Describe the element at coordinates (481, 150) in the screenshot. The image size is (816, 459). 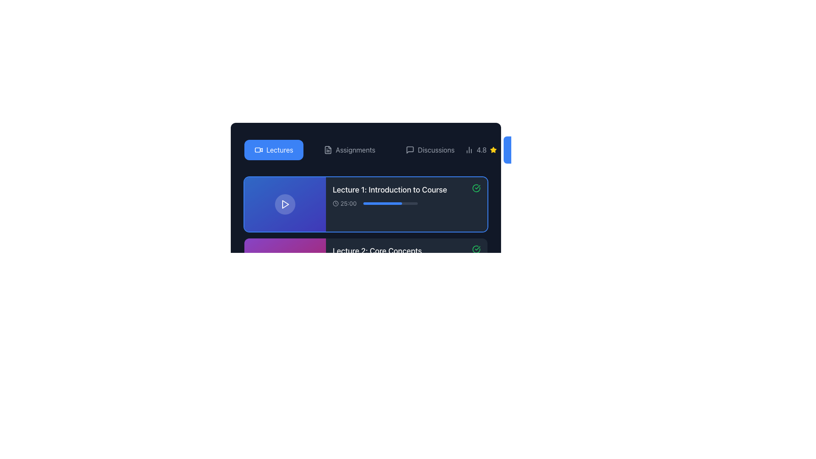
I see `the text label displaying the rating '4.8' located in the upper-right section of the interface, positioned between the bar chart icon and the star icon` at that location.